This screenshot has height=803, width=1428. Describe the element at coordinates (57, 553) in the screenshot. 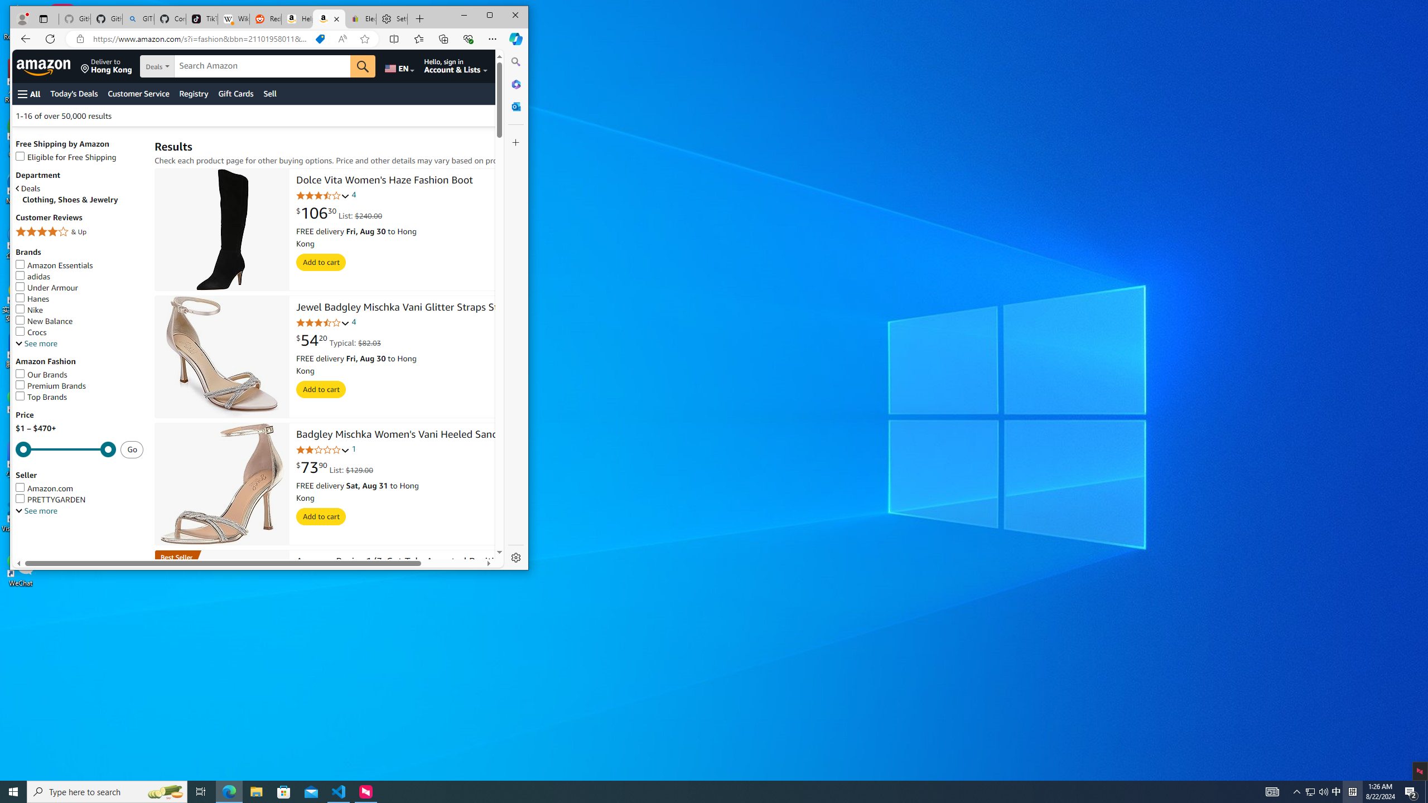

I see `'Go back to filtering menu'` at that location.